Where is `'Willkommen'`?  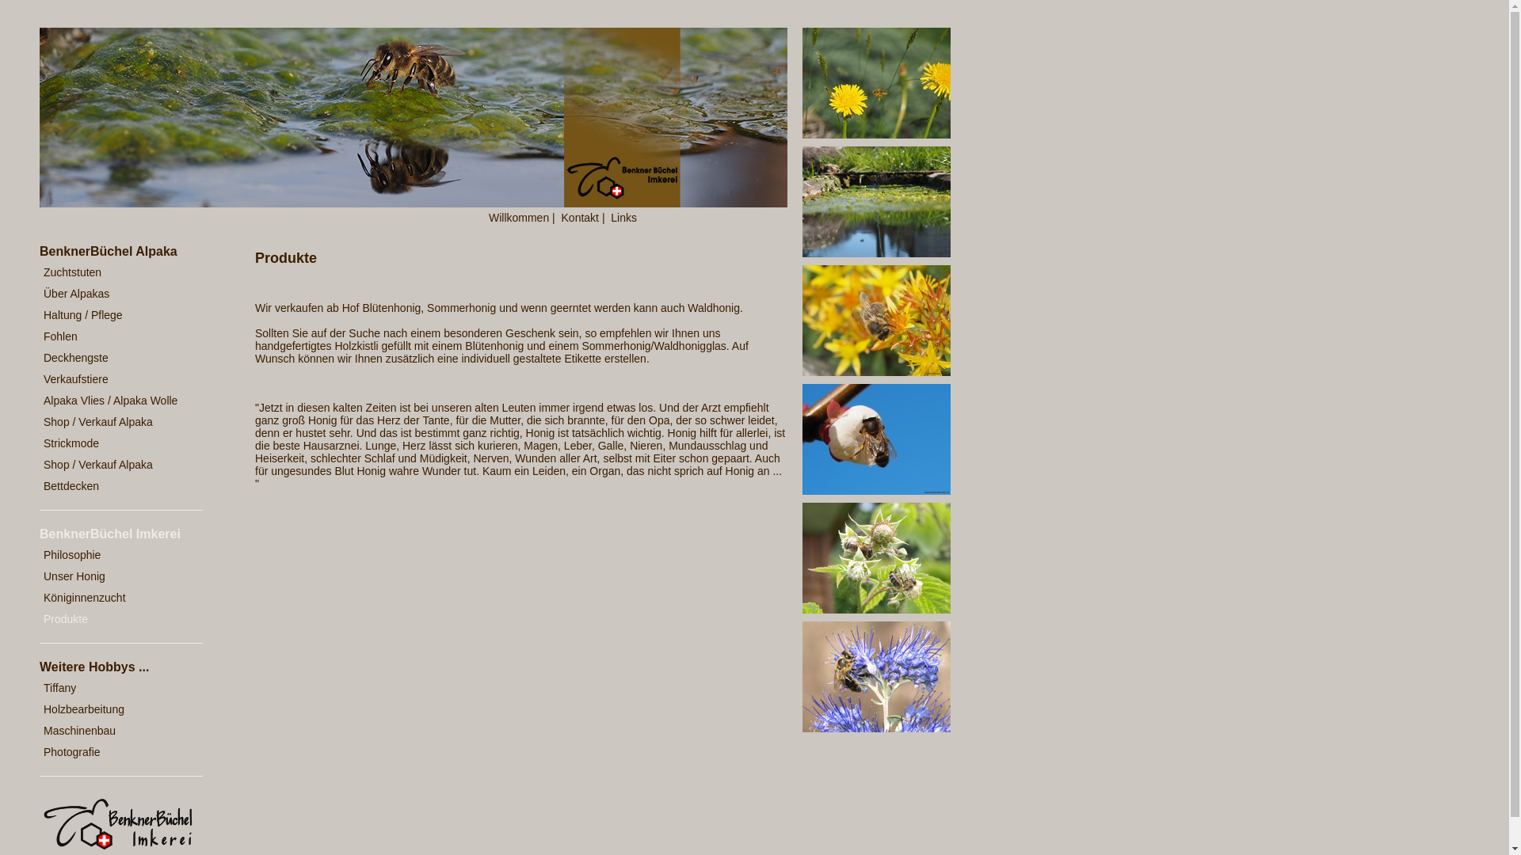
'Willkommen' is located at coordinates (518, 217).